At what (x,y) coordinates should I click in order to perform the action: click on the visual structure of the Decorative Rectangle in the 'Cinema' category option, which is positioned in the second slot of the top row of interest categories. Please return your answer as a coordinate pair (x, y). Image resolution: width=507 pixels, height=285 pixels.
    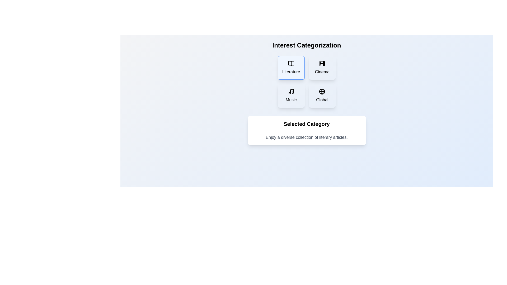
    Looking at the image, I should click on (322, 63).